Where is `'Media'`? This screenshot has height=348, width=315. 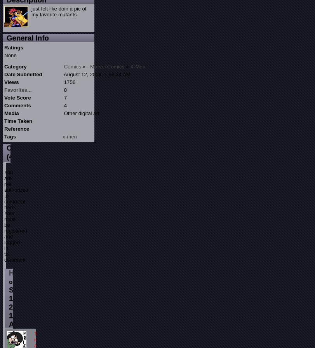 'Media' is located at coordinates (4, 113).